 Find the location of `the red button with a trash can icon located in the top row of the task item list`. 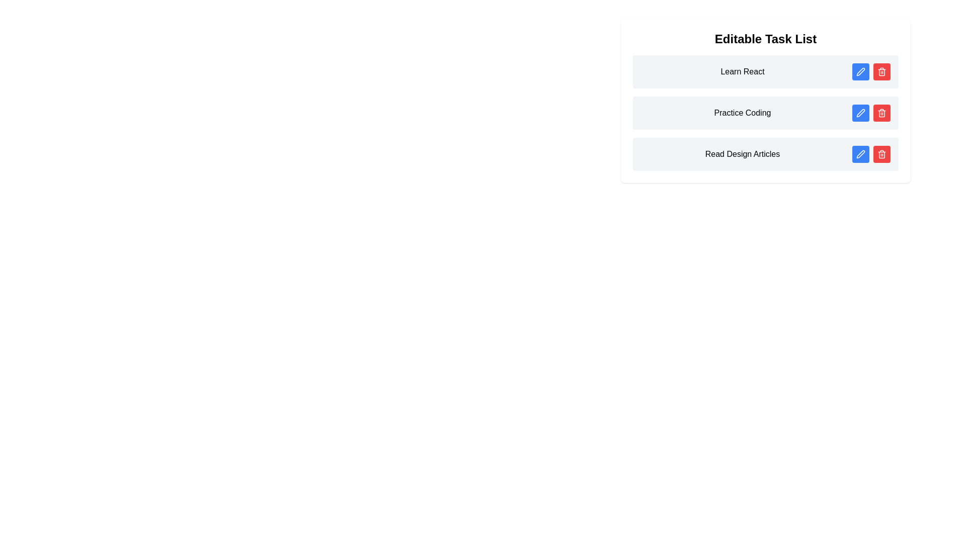

the red button with a trash can icon located in the top row of the task item list is located at coordinates (881, 71).